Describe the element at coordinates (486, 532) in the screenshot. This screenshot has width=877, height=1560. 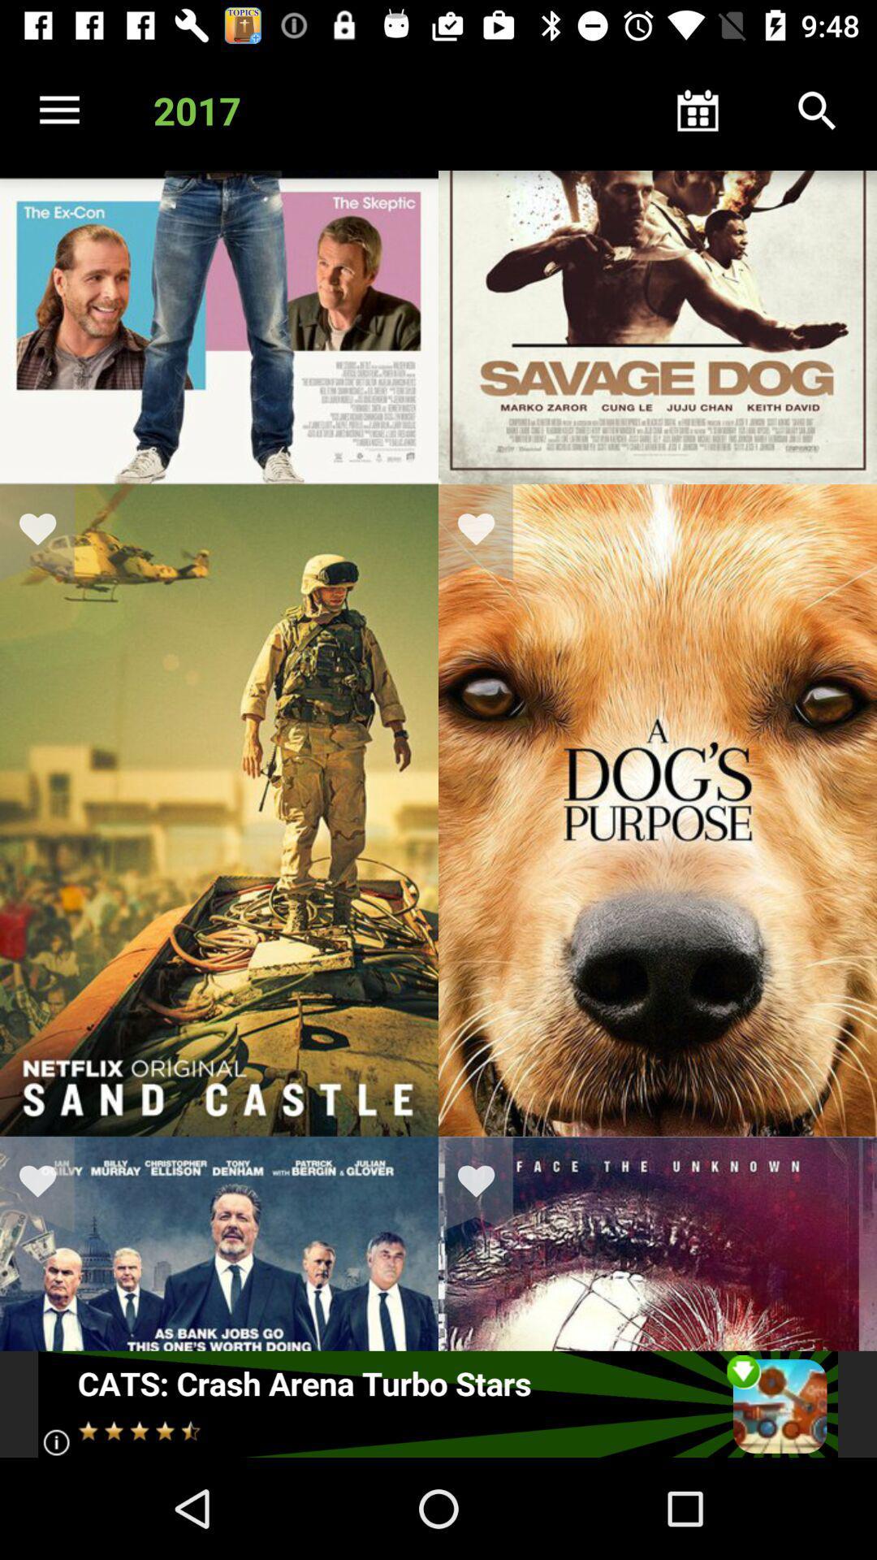
I see `heart this movie` at that location.